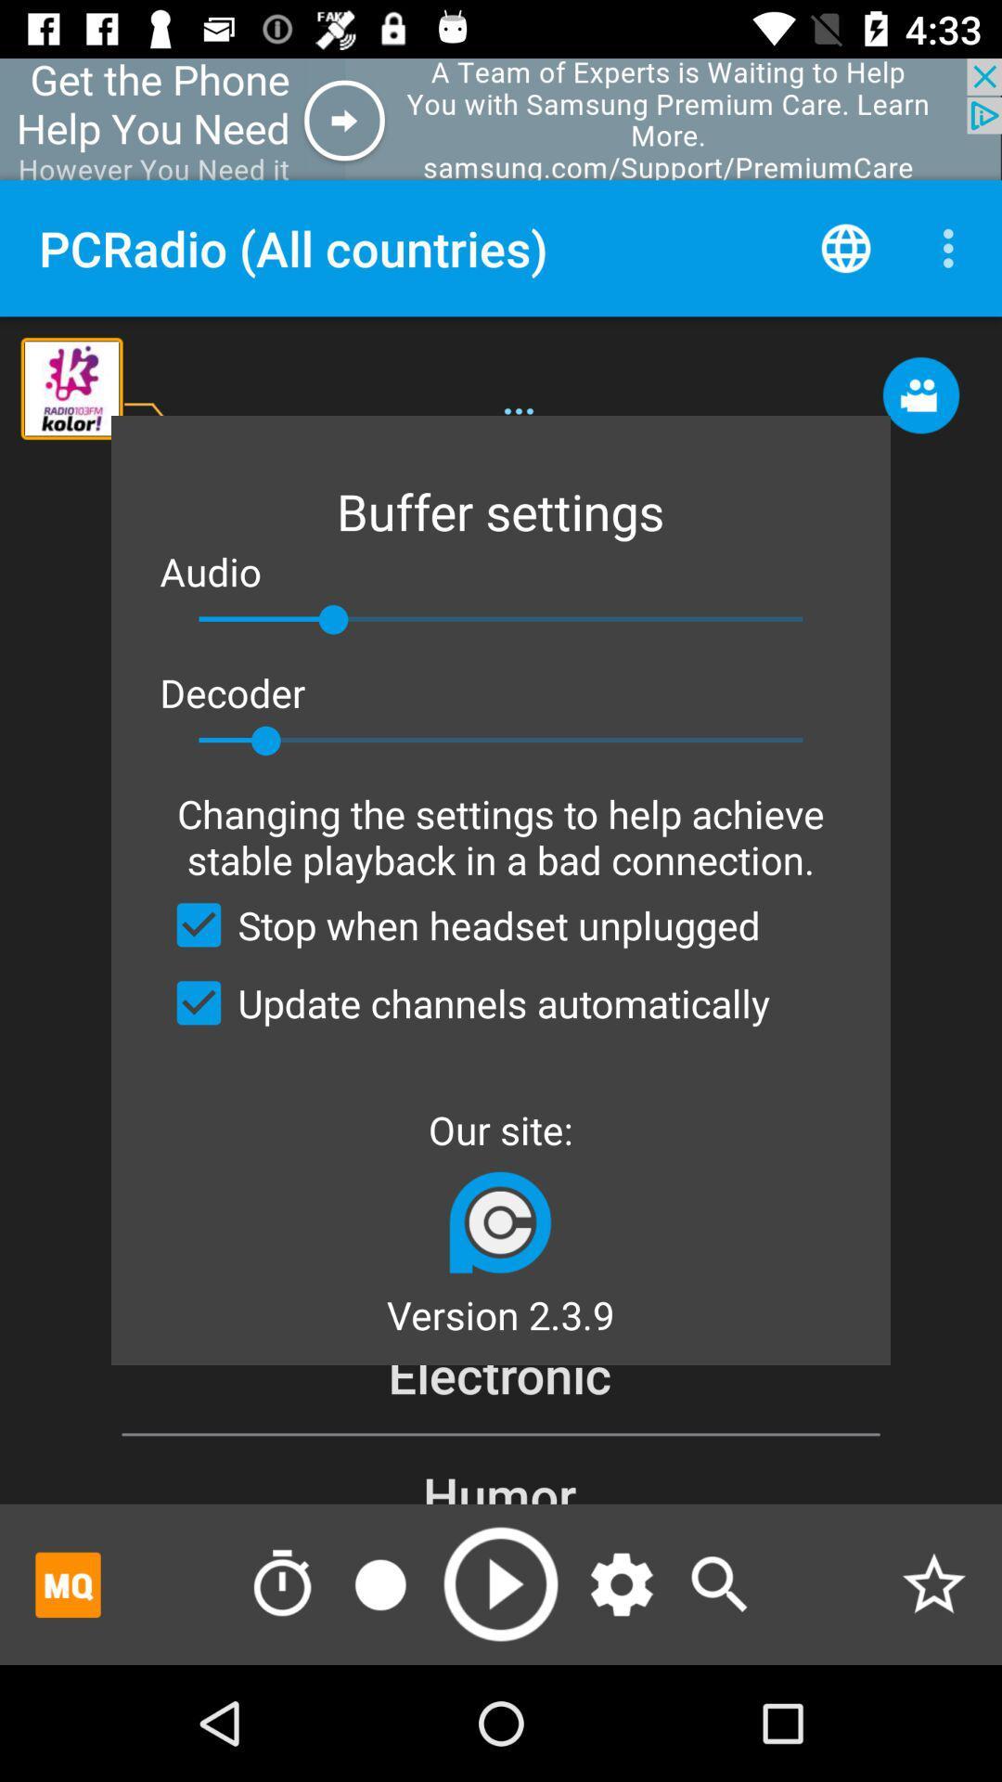 The image size is (1002, 1782). I want to click on stop when headset icon, so click(459, 924).